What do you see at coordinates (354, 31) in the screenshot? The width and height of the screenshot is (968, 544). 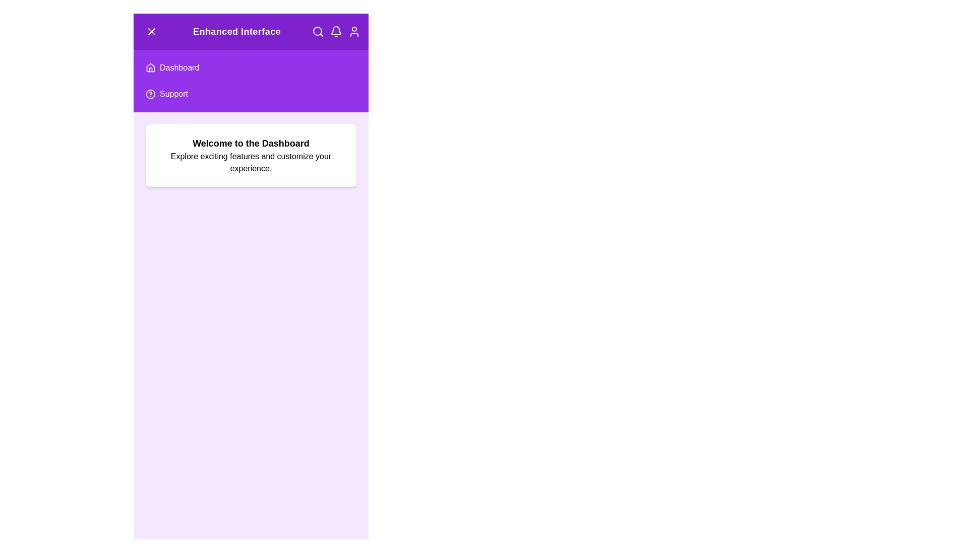 I see `the user profile icon to interact with it` at bounding box center [354, 31].